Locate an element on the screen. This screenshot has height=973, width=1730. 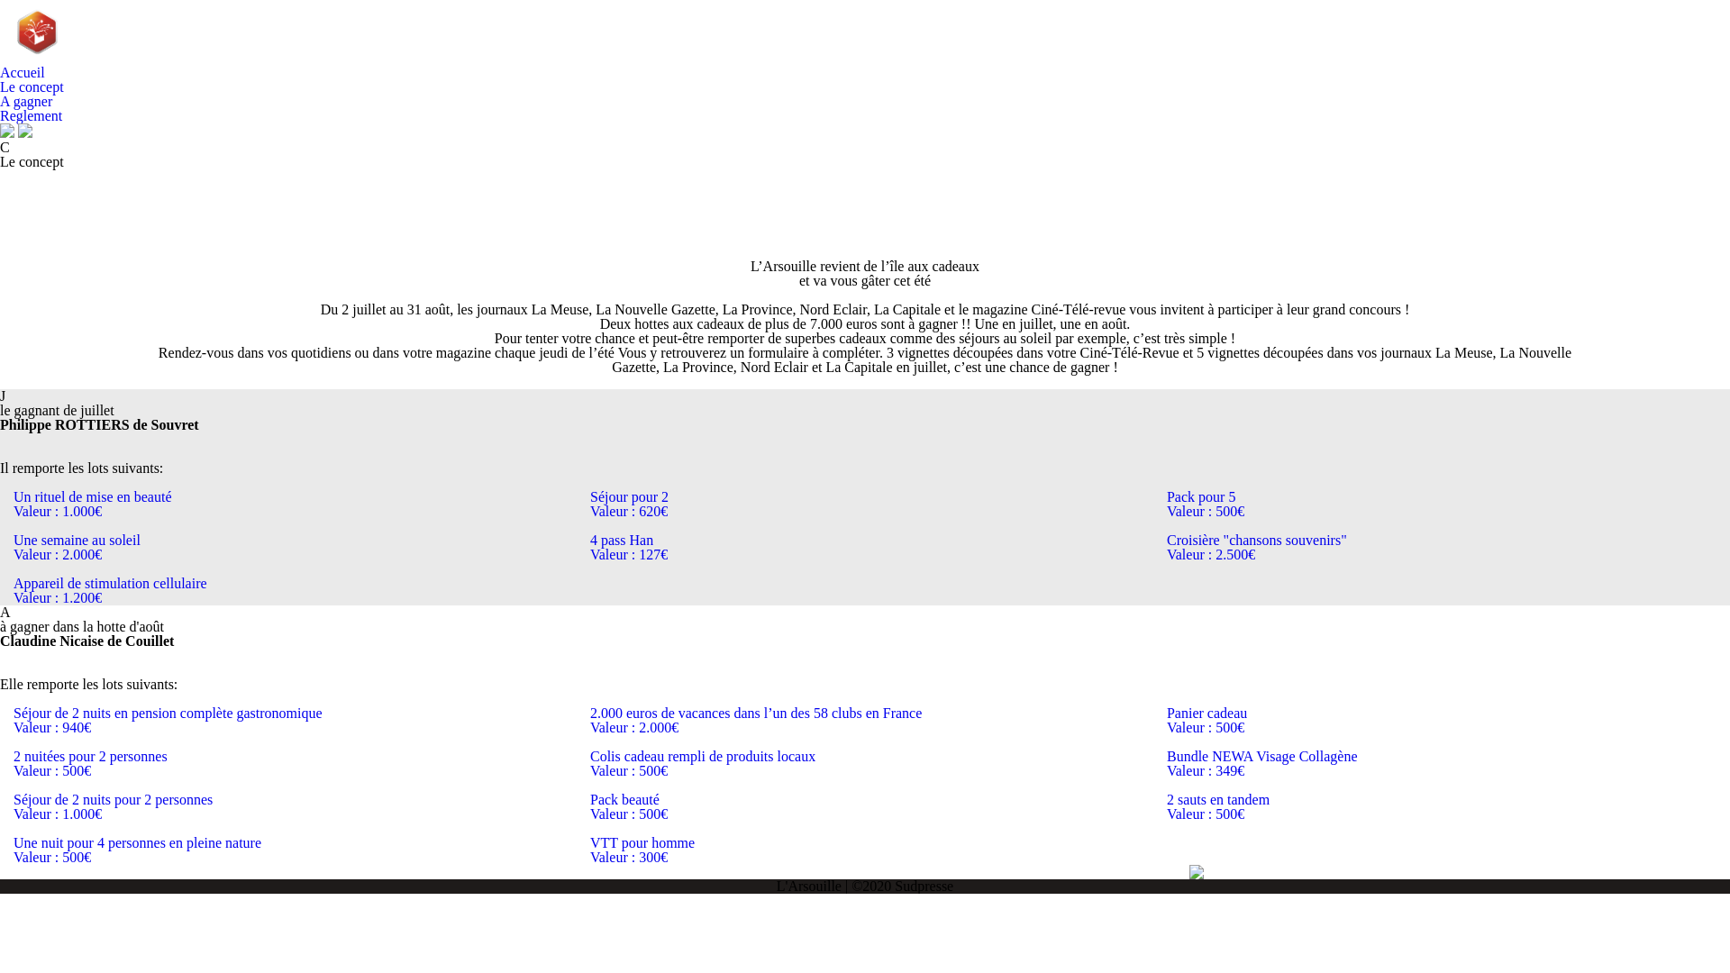
'Accueil' is located at coordinates (22, 71).